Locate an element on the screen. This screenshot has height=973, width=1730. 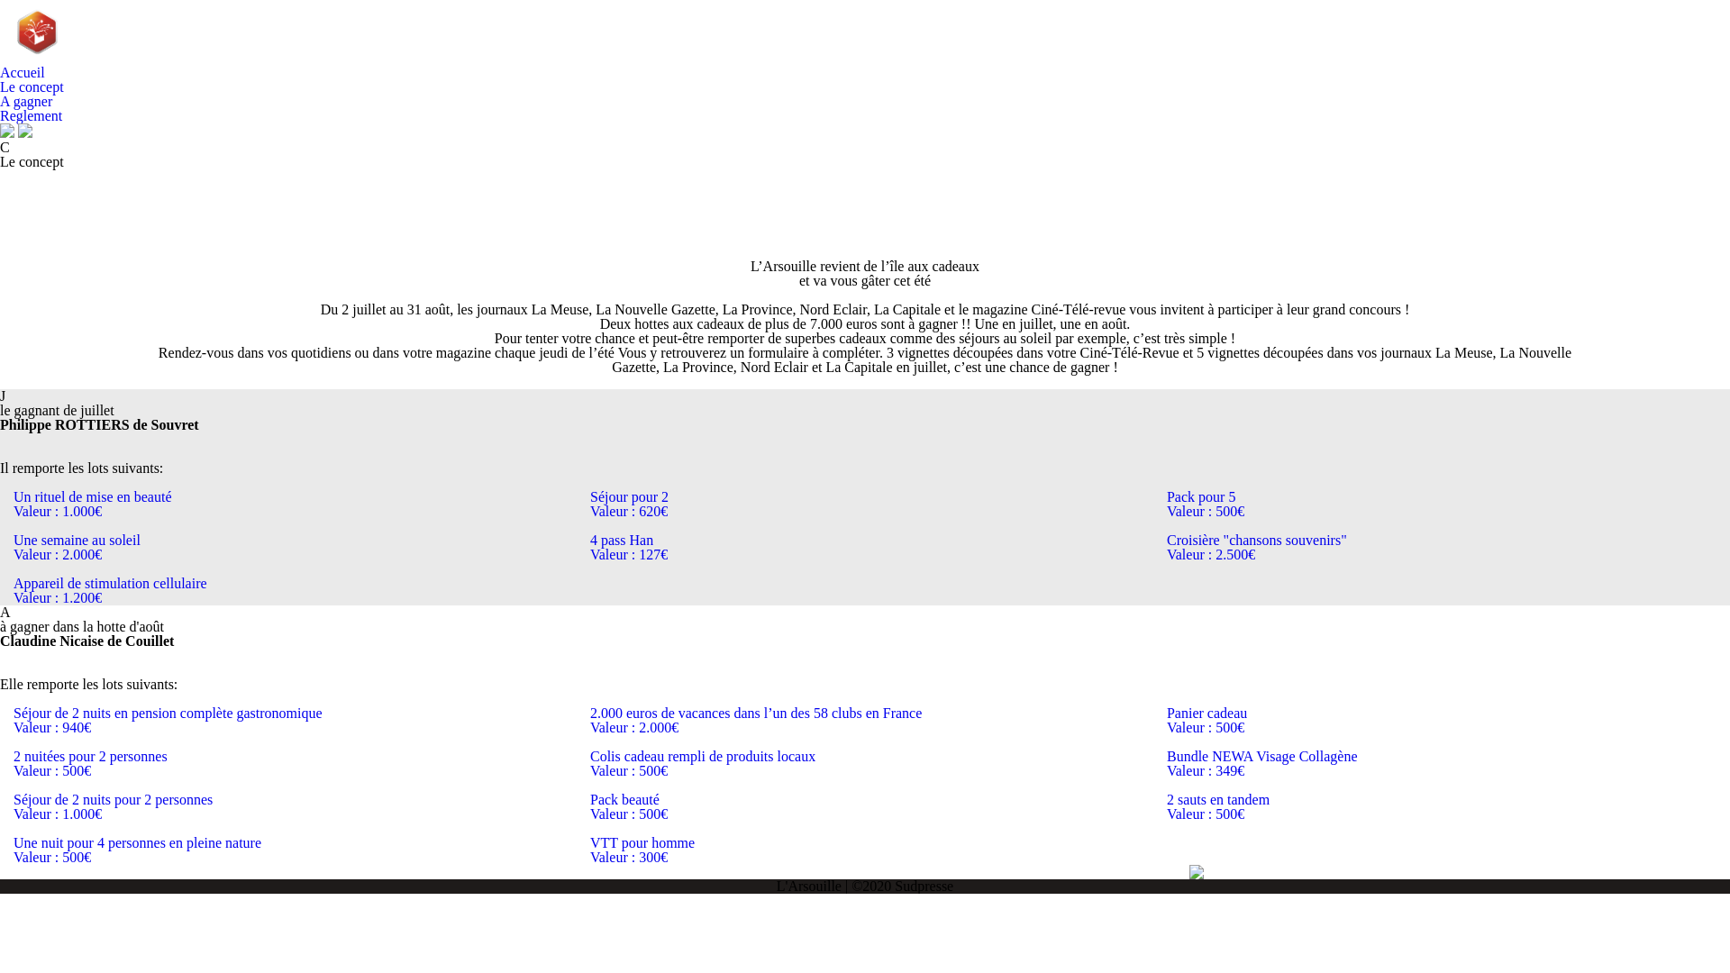
'Accueil' is located at coordinates (22, 71).